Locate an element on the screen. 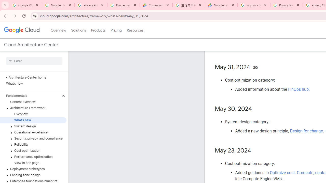 The width and height of the screenshot is (326, 183). 'Cost optimization' is located at coordinates (33, 150).